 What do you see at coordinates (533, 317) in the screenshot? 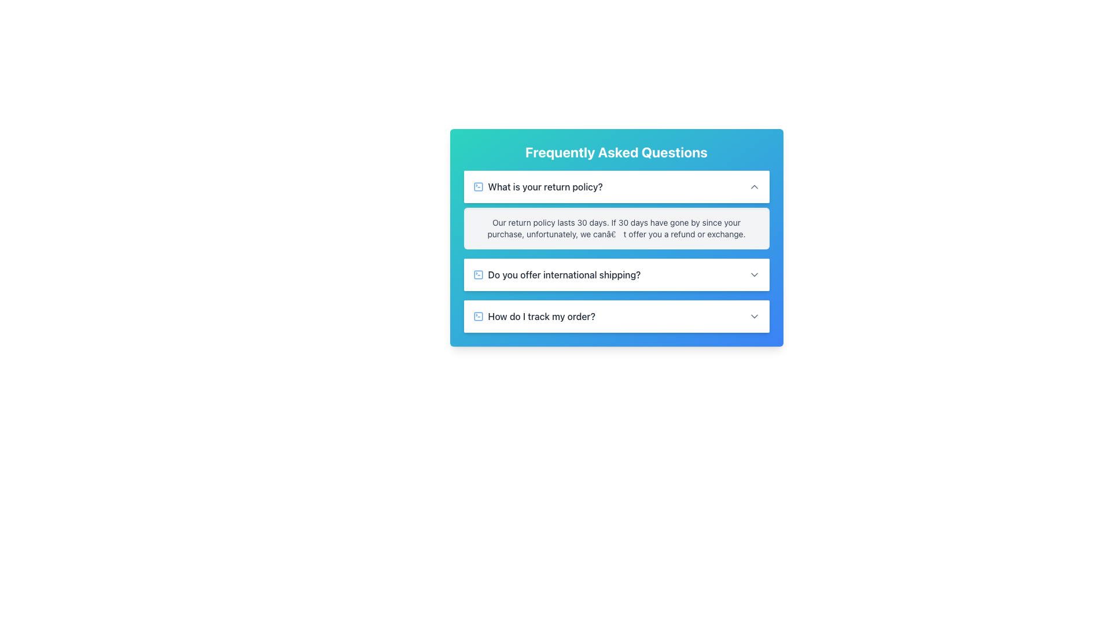
I see `the button that expands the question 'How do I track my order?' located in the Frequently Asked Questions section, positioned between the second and fourth items in the list` at bounding box center [533, 317].